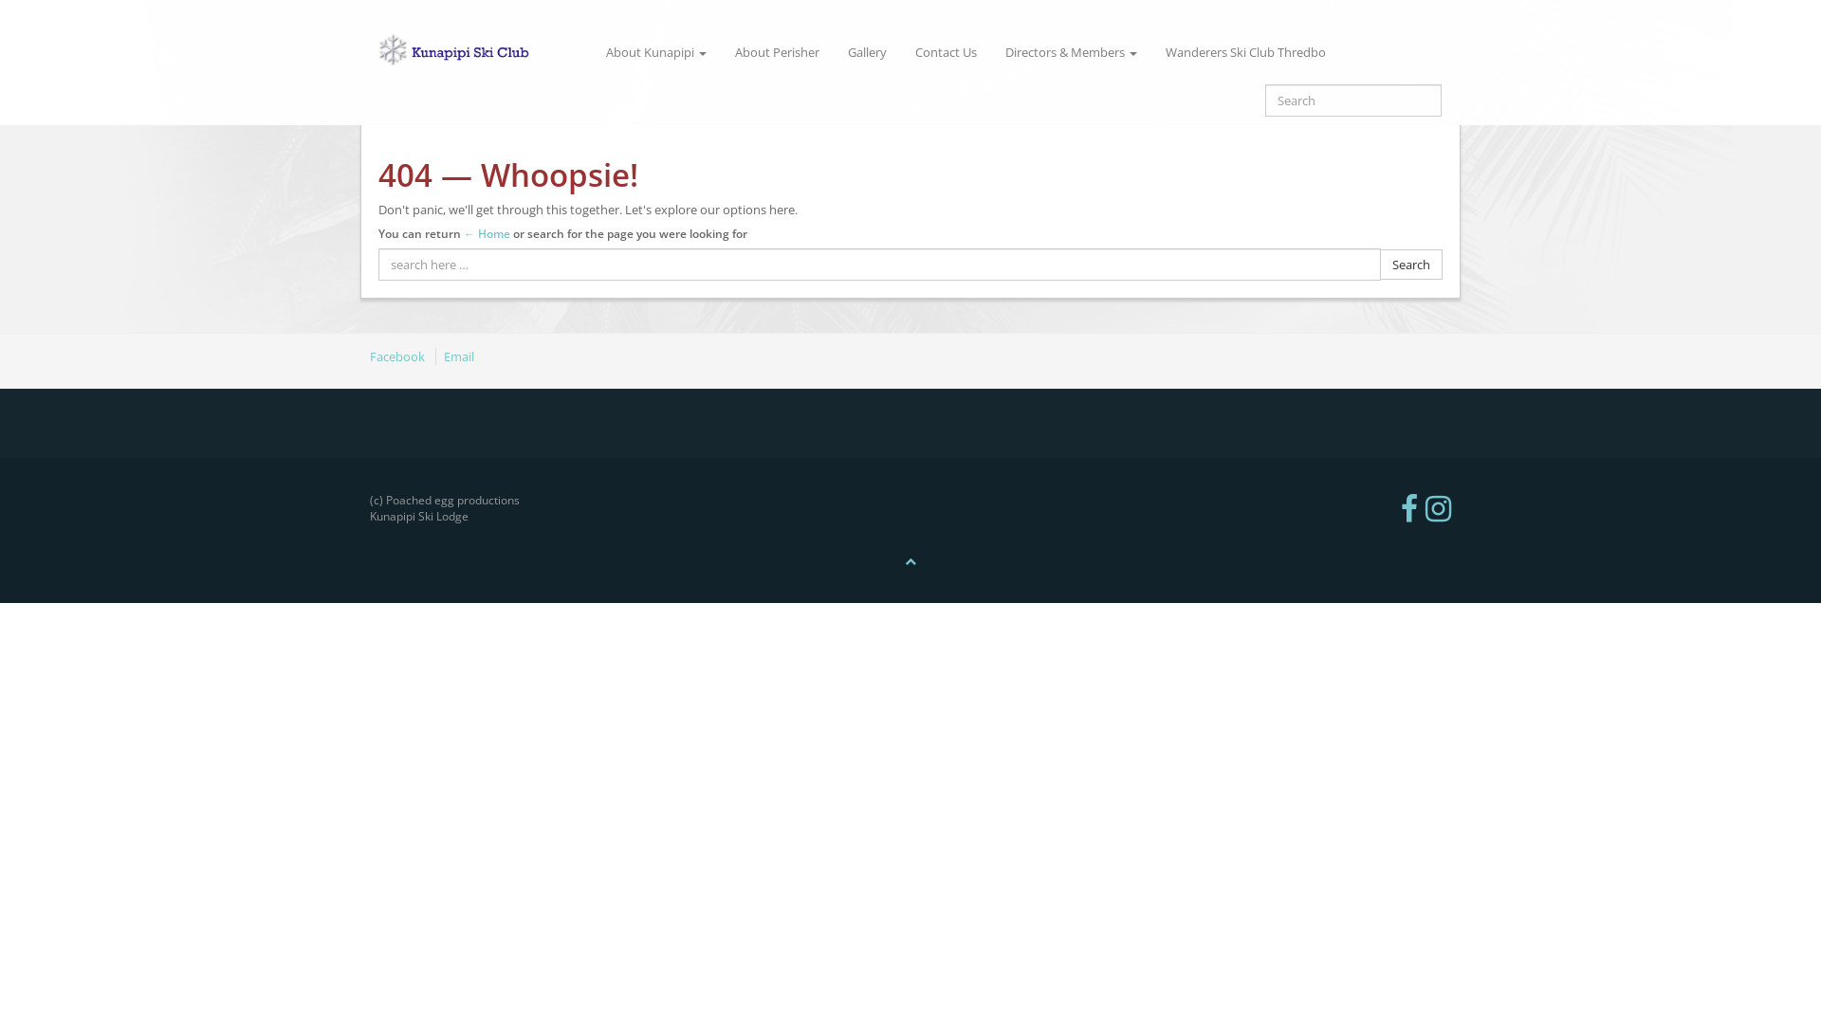 This screenshot has height=1024, width=1821. What do you see at coordinates (1245, 50) in the screenshot?
I see `'Wanderers Ski Club Thredbo'` at bounding box center [1245, 50].